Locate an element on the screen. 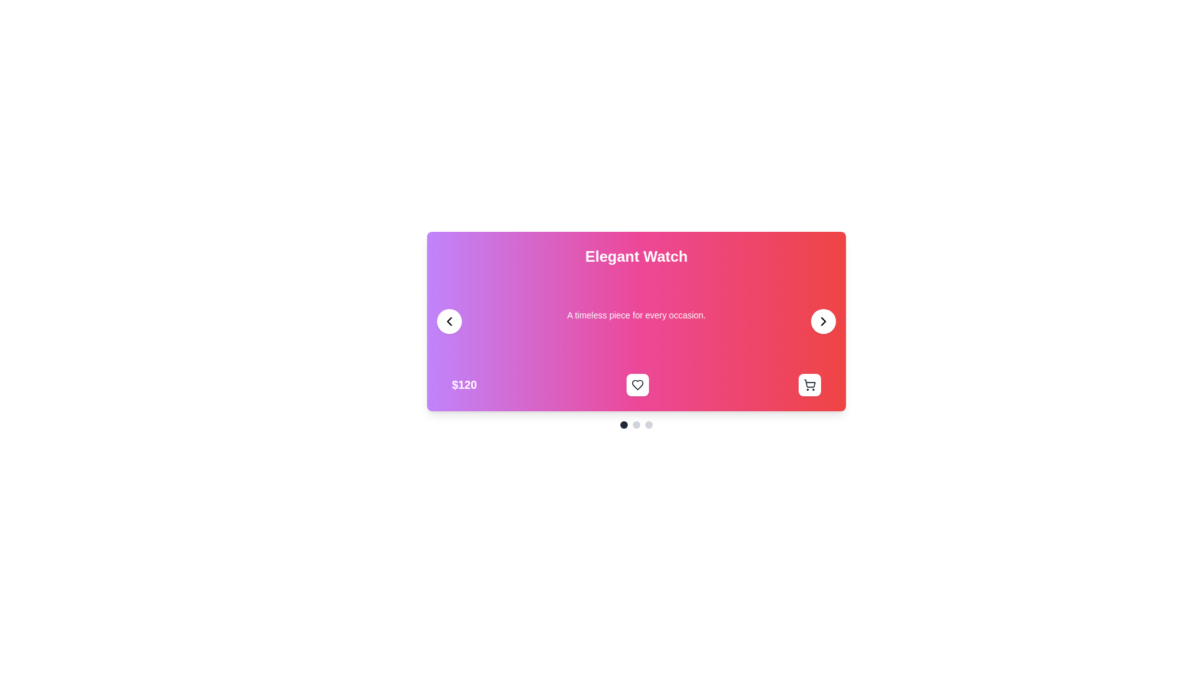  the right-pointing chevron icon located within the right-side circular button of the 'Elegant Watch' gradient-colored card is located at coordinates (823, 321).